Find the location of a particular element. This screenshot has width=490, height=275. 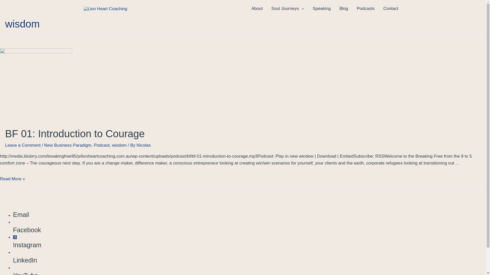

'Soul Journeys' is located at coordinates (288, 9).